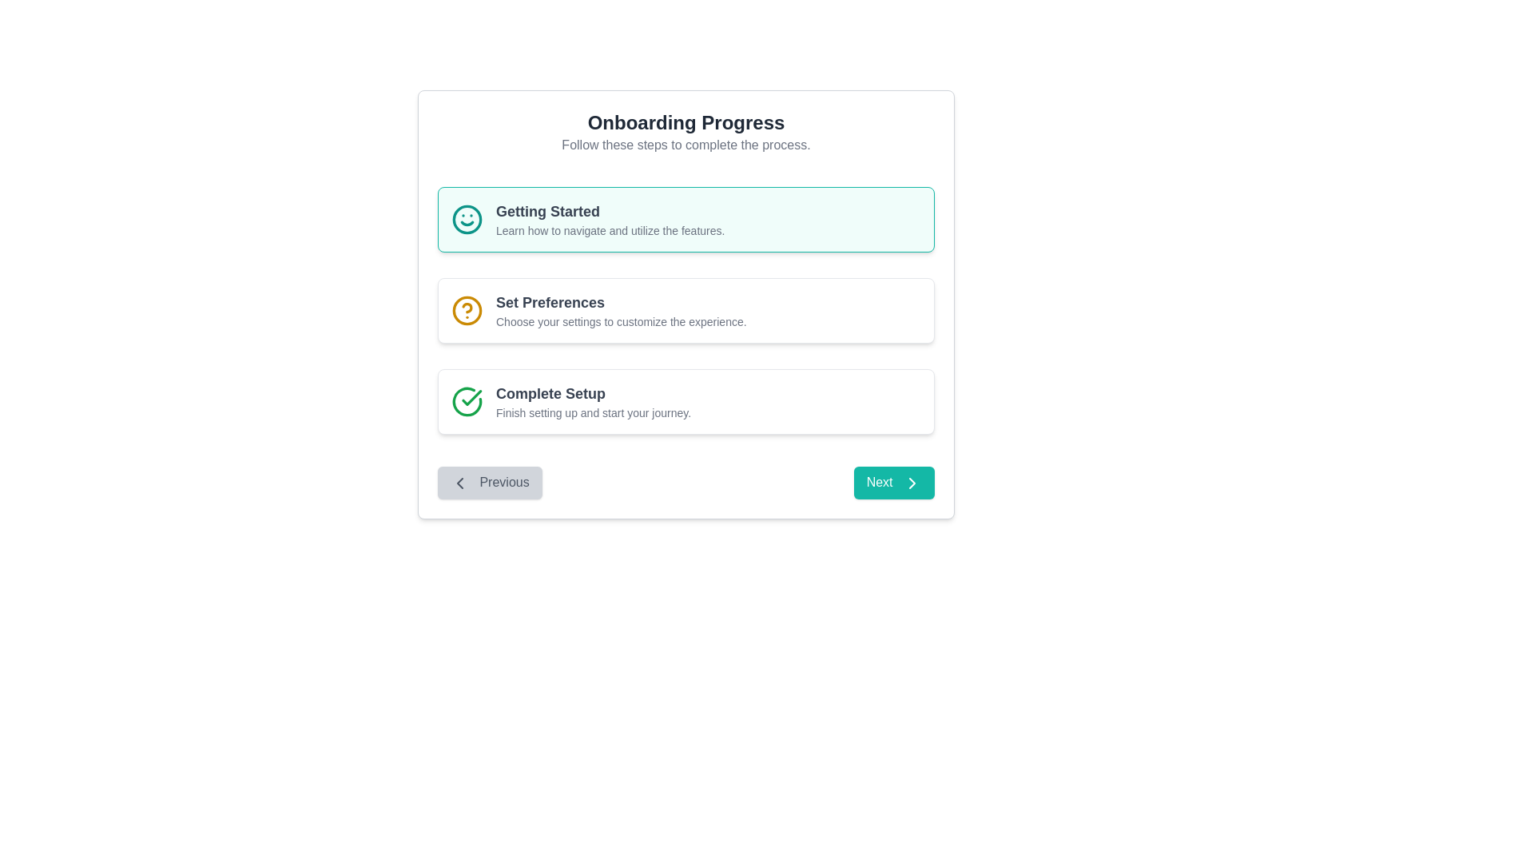 Image resolution: width=1534 pixels, height=863 pixels. I want to click on the teal-colored circular icon with a smiley face illustration located to the left of the text 'Getting Started', so click(467, 219).